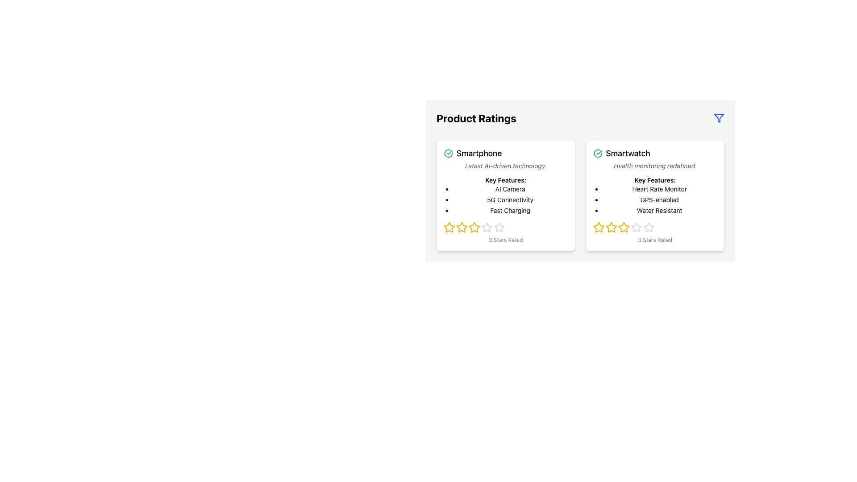 This screenshot has height=482, width=857. I want to click on the green circular icon with a checkmark that is positioned to the left of the text 'Smartphone', aligning with the text's vertical center, so click(448, 153).